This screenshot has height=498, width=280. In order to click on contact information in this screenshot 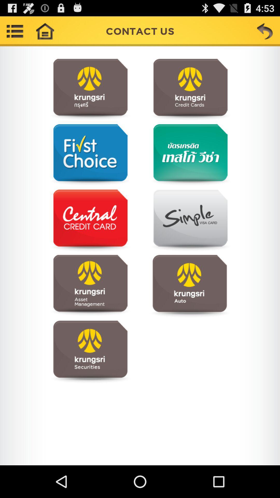, I will do `click(90, 220)`.